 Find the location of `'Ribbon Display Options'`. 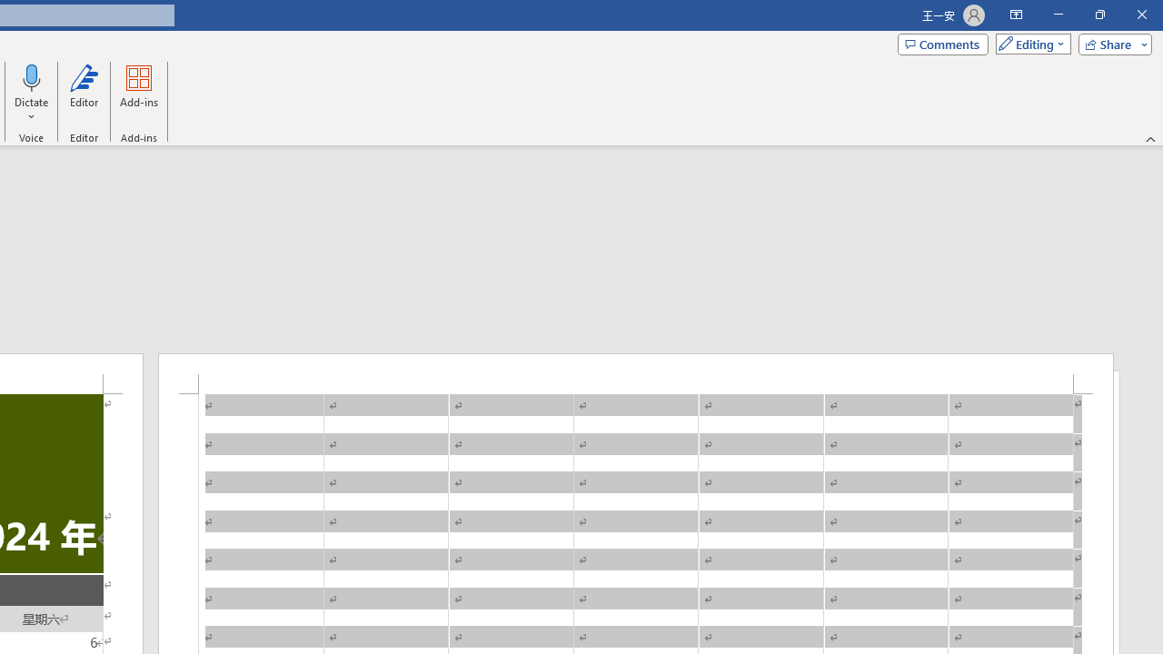

'Ribbon Display Options' is located at coordinates (1015, 15).